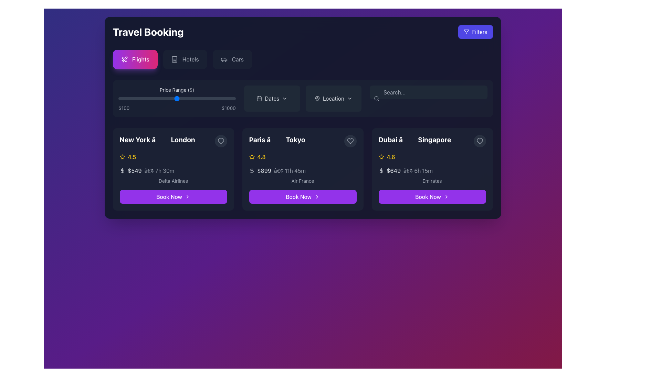 The width and height of the screenshot is (661, 371). Describe the element at coordinates (221, 141) in the screenshot. I see `the heart icon located in the top-right corner of the 'Paris to Tokyo' flight card to mark it as a favorite` at that location.